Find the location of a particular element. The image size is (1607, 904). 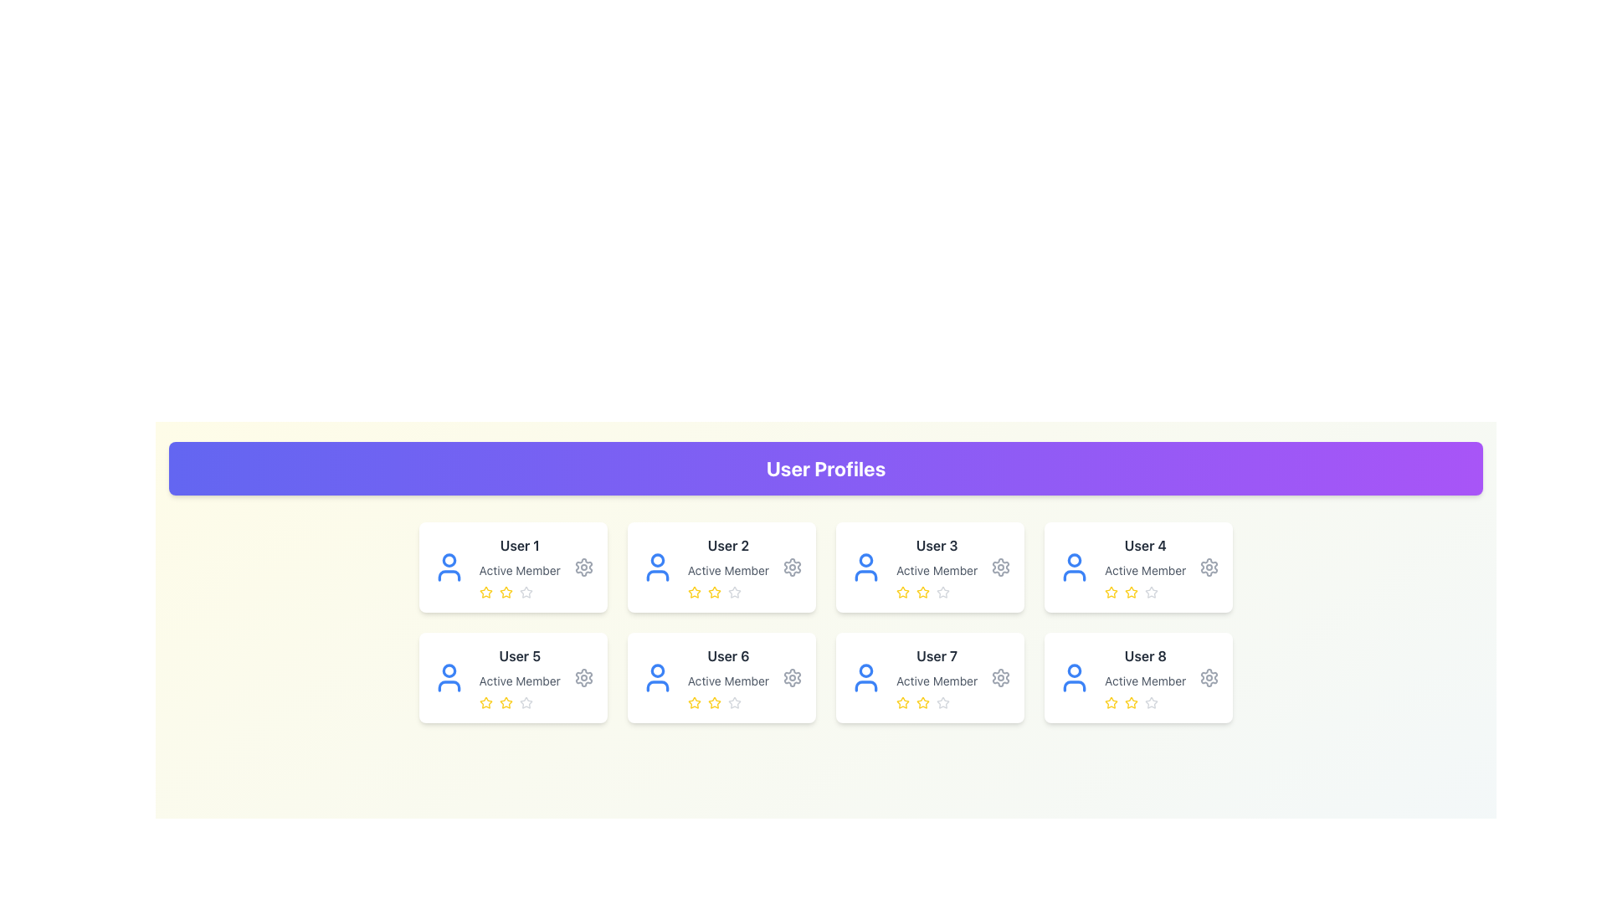

'Active Member' label located centrally in the card for 'User 1', positioned below the username and above the star rating component is located at coordinates (519, 570).